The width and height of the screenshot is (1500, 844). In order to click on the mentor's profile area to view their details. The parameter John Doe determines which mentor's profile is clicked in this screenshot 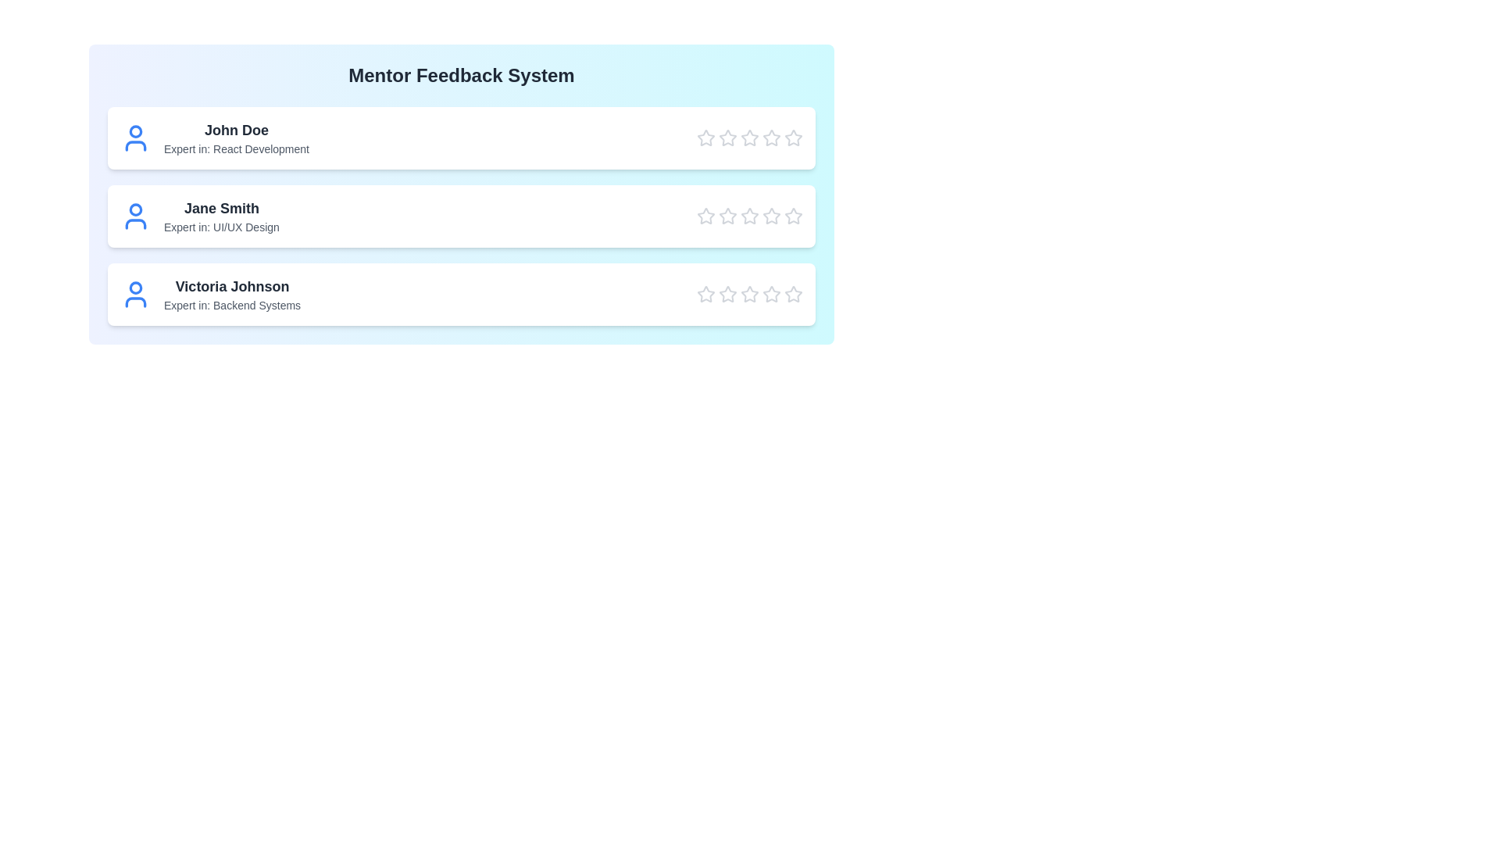, I will do `click(235, 129)`.